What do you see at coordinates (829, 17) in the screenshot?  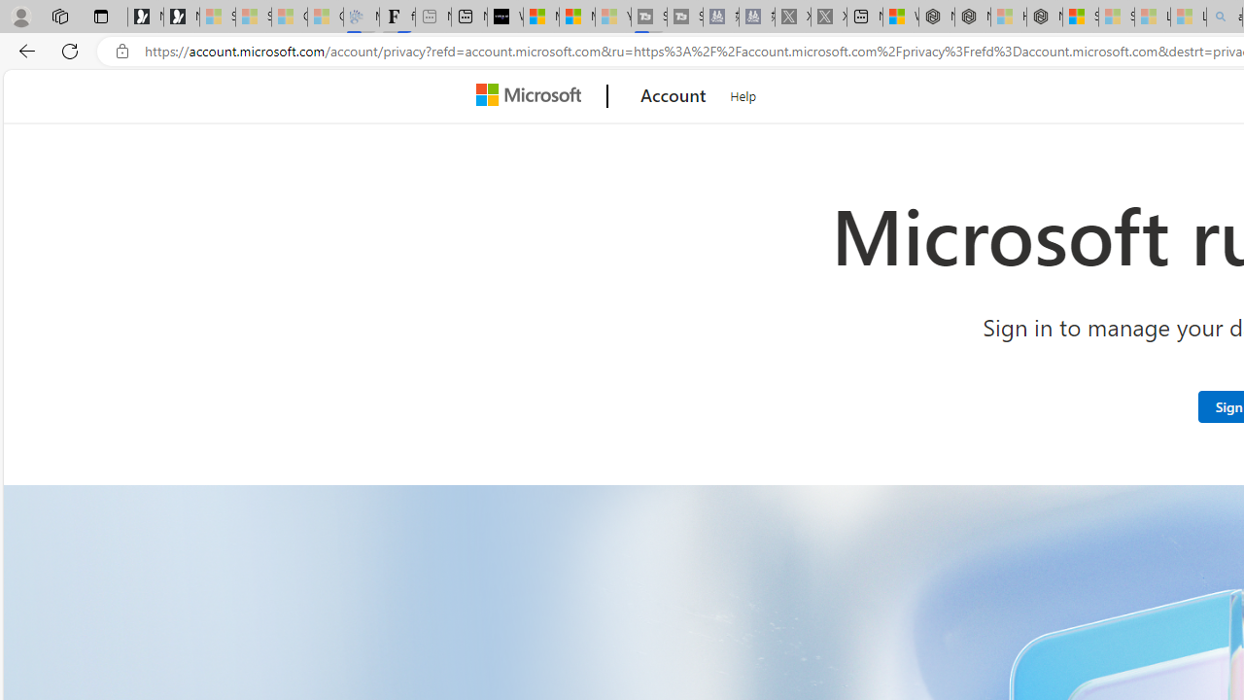 I see `'X - Sleeping'` at bounding box center [829, 17].